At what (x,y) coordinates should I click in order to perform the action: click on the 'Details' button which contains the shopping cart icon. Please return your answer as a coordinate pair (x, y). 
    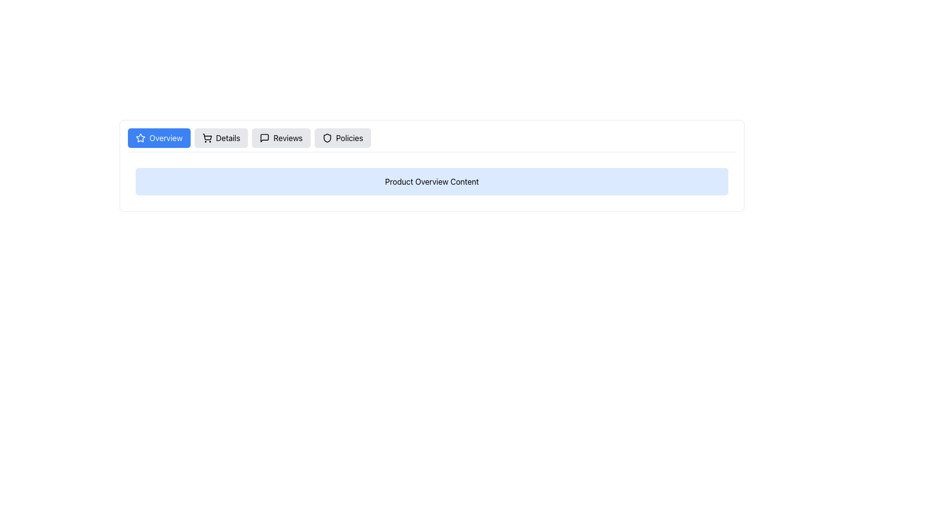
    Looking at the image, I should click on (206, 136).